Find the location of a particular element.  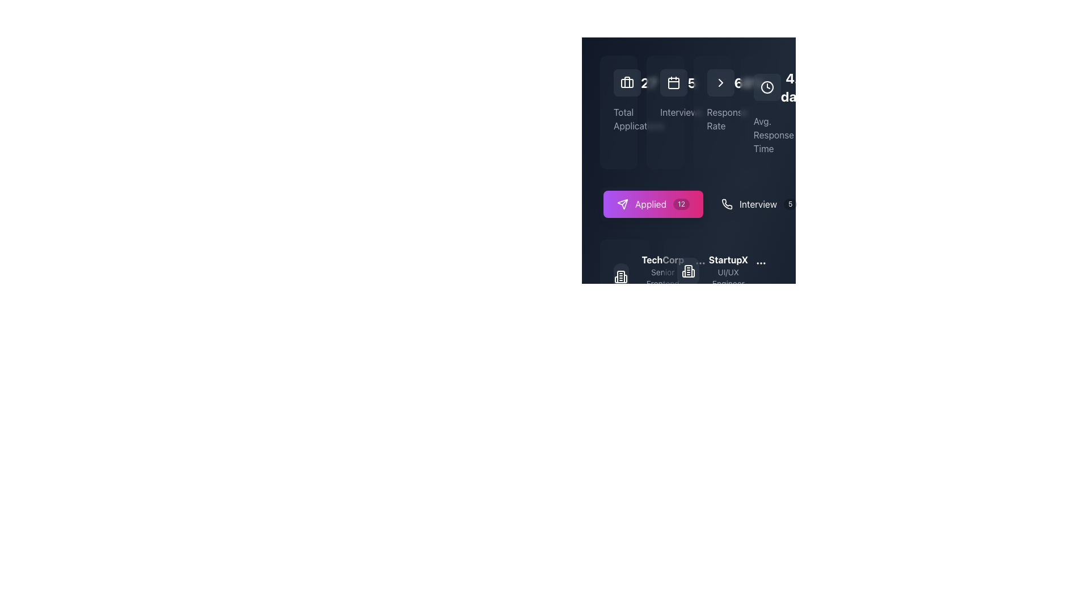

the text label displaying 'UI/UX Engineer' located beneath 'StartupX' in the lower-right section of the interface is located at coordinates (728, 278).